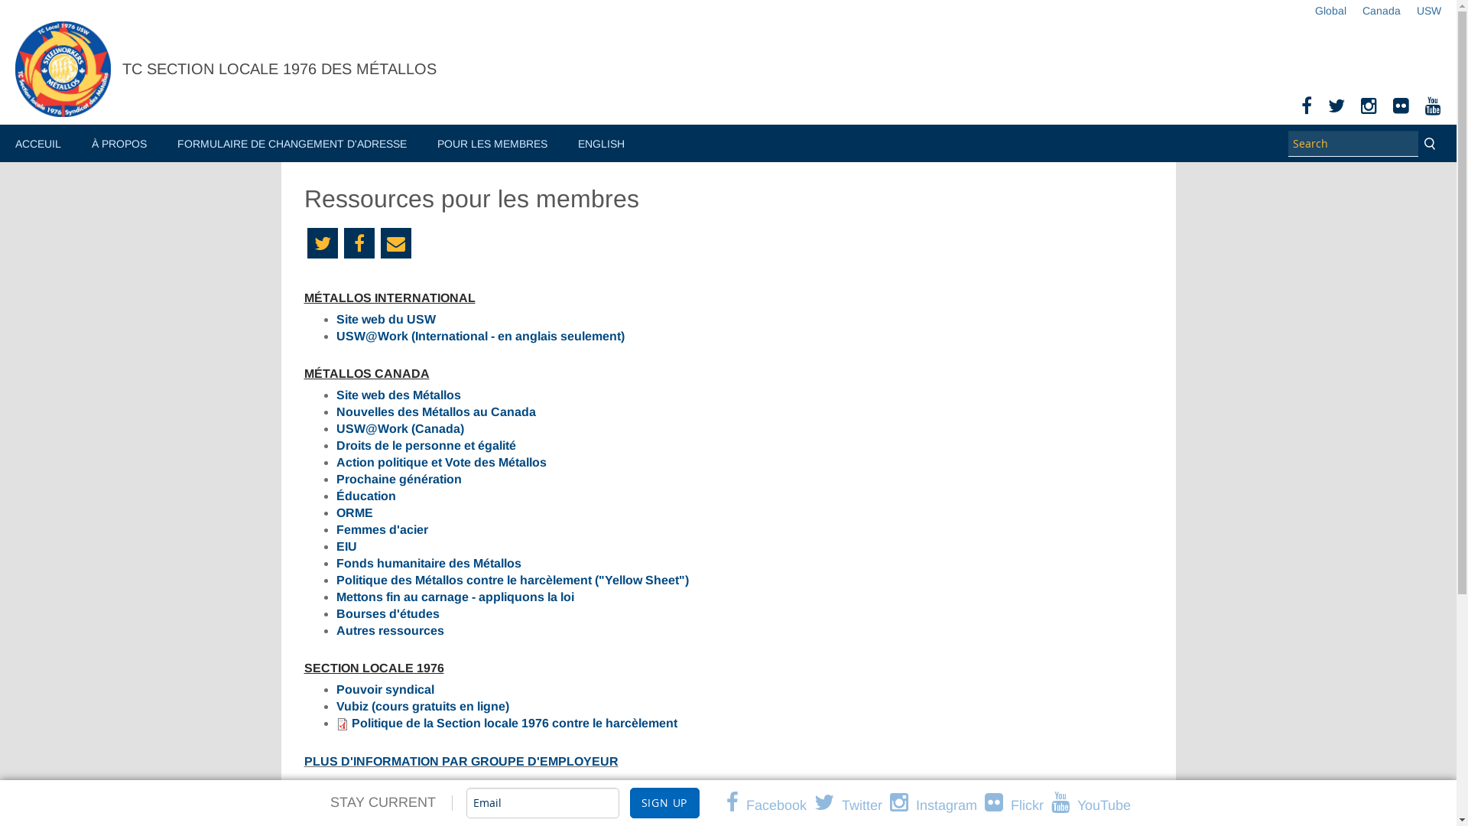 Image resolution: width=1468 pixels, height=826 pixels. What do you see at coordinates (396, 242) in the screenshot?
I see `'Email'` at bounding box center [396, 242].